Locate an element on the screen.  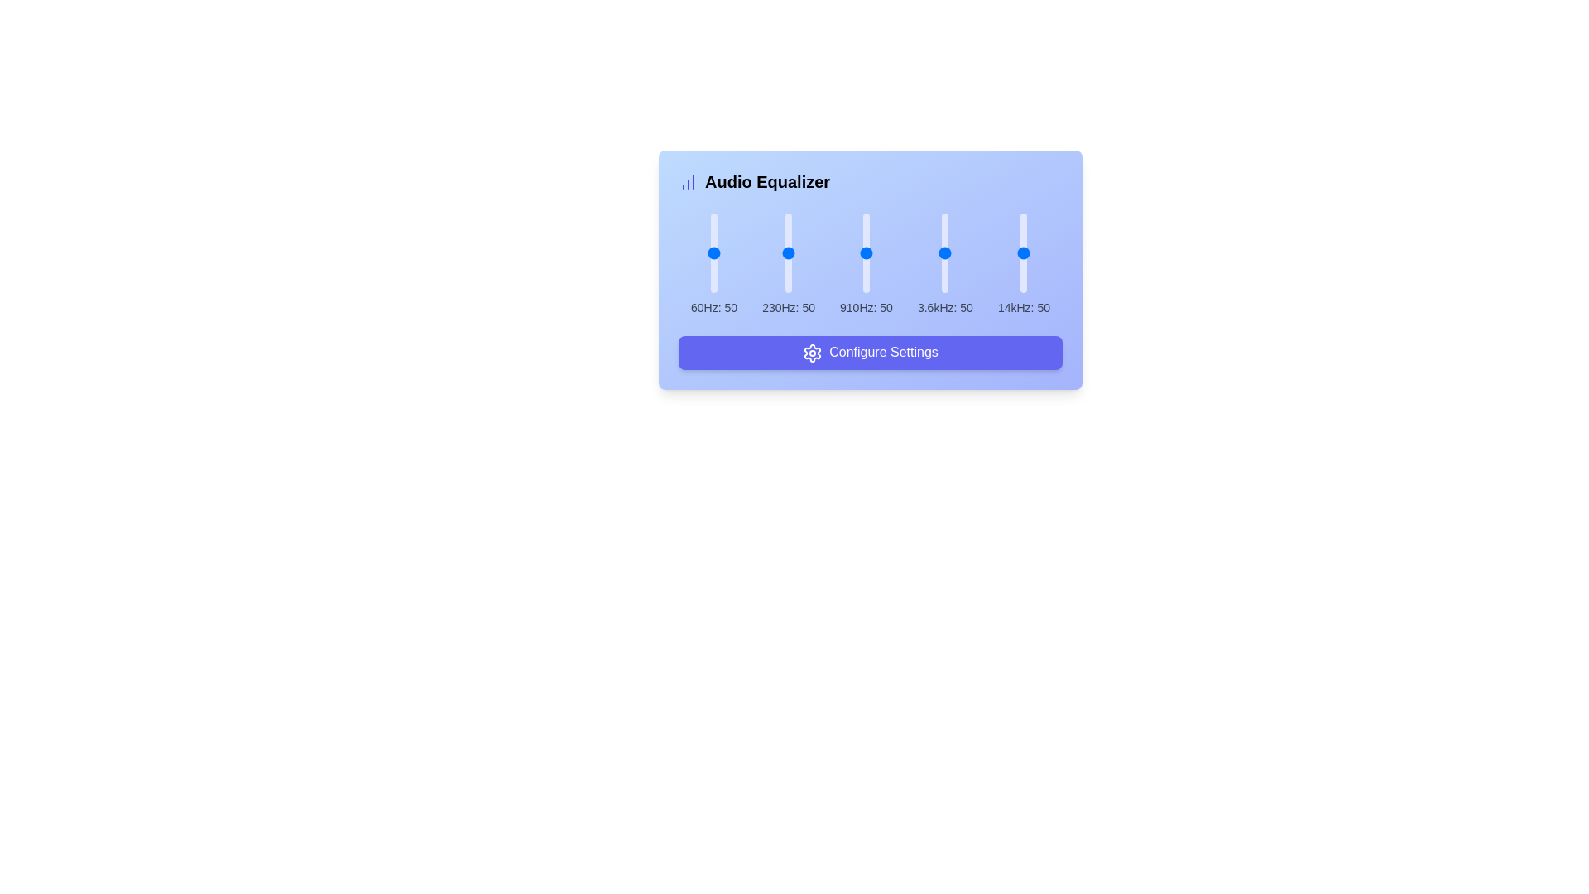
the 3.6kHz audio equalizer slider is located at coordinates (945, 261).